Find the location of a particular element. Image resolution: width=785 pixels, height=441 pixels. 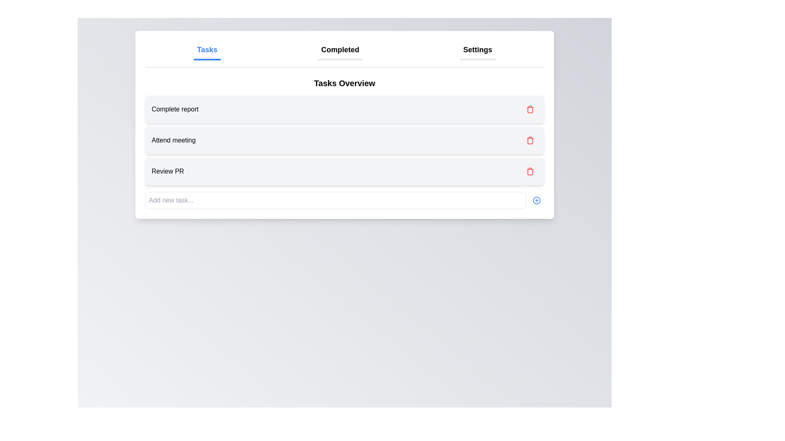

the task addition button in the Combined input and button interface located at the bottom of the 'Tasks Overview' panel for visual feedback is located at coordinates (345, 200).